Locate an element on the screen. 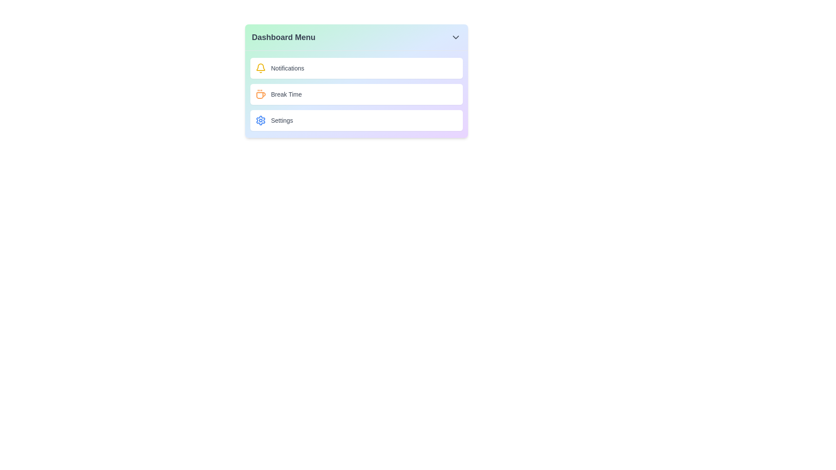  the Notifications icon located in the Dashboard Menu card, which signifies alerts or updates is located at coordinates (260, 68).